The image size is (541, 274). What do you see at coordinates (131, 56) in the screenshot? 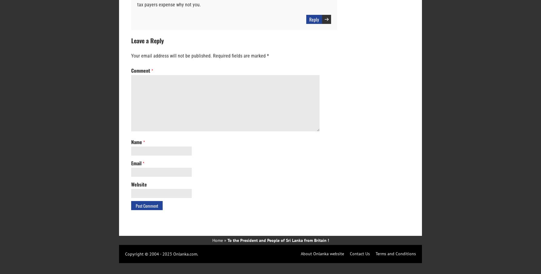
I see `'Your email address will not be published.'` at bounding box center [131, 56].